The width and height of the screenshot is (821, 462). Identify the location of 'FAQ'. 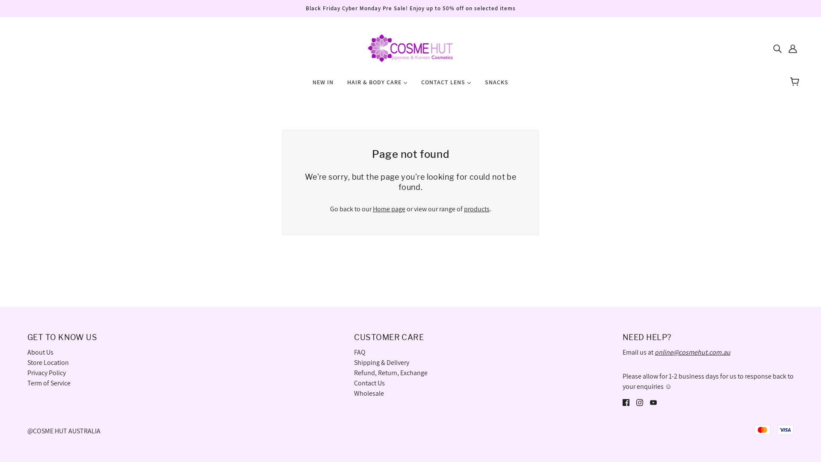
(354, 352).